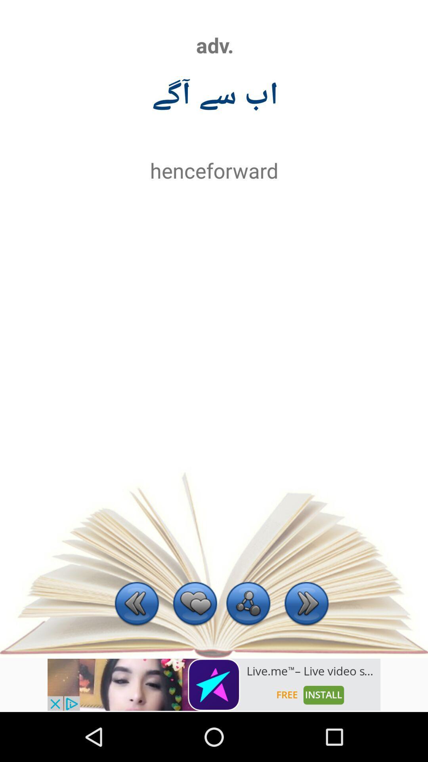  I want to click on go forward, so click(306, 604).